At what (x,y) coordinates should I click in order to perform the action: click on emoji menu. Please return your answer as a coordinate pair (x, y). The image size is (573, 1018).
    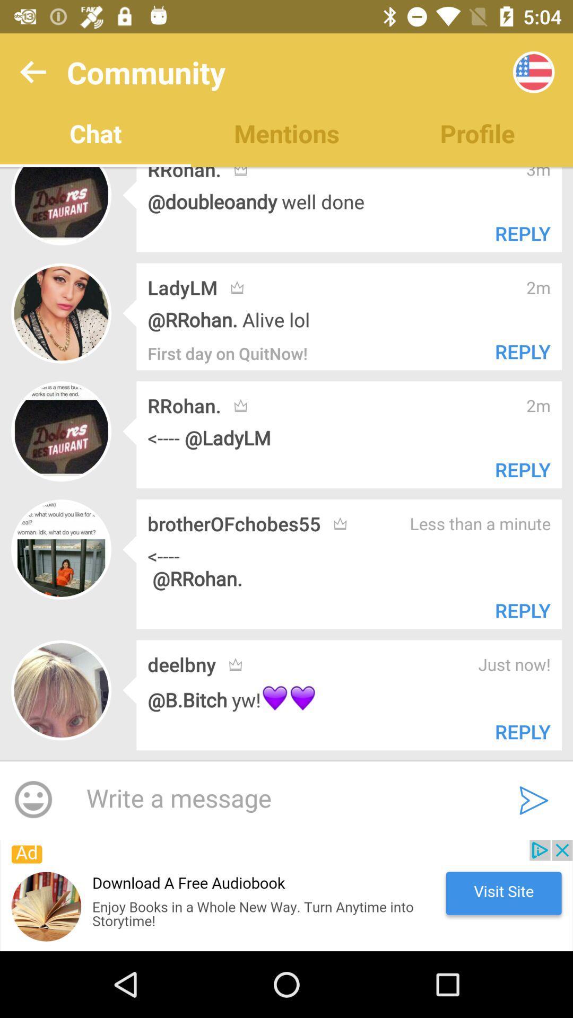
    Looking at the image, I should click on (32, 800).